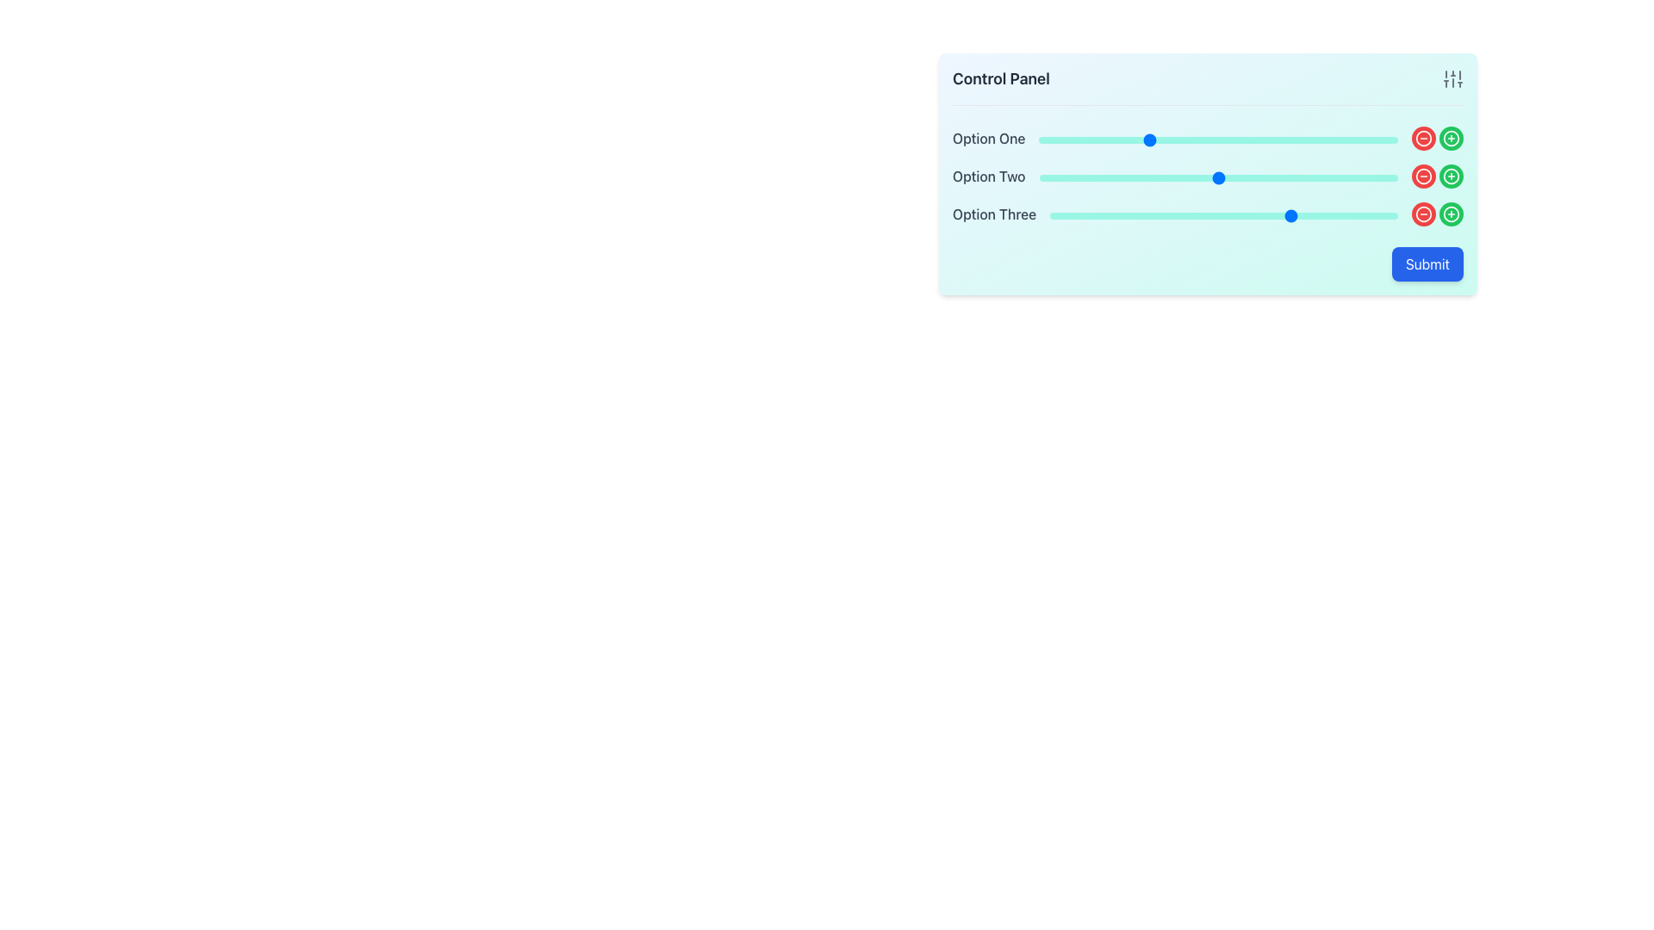 The height and width of the screenshot is (930, 1654). Describe the element at coordinates (1232, 139) in the screenshot. I see `the slider` at that location.